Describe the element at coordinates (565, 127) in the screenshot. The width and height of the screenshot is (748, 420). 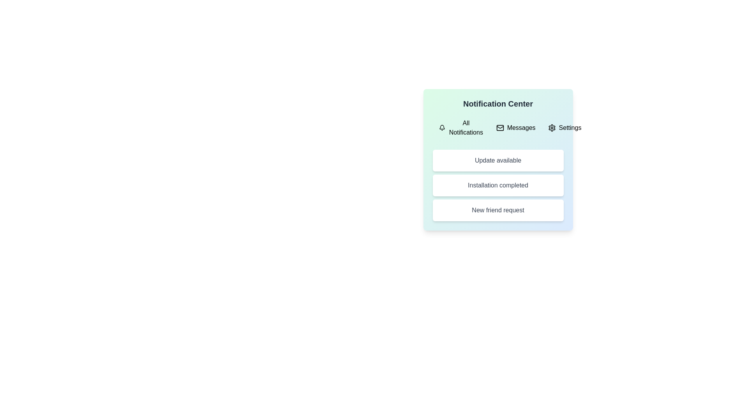
I see `the Settings tab by clicking on it` at that location.